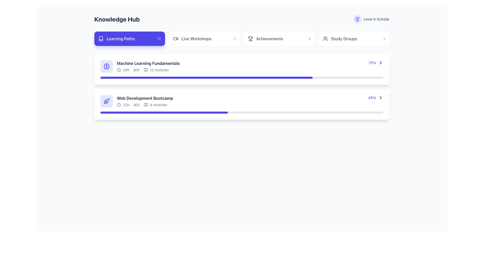  I want to click on the 'Machine Learning Fundamentals' icon located at the top left of its list item in the 'Learning Paths' section of the interface, so click(106, 66).